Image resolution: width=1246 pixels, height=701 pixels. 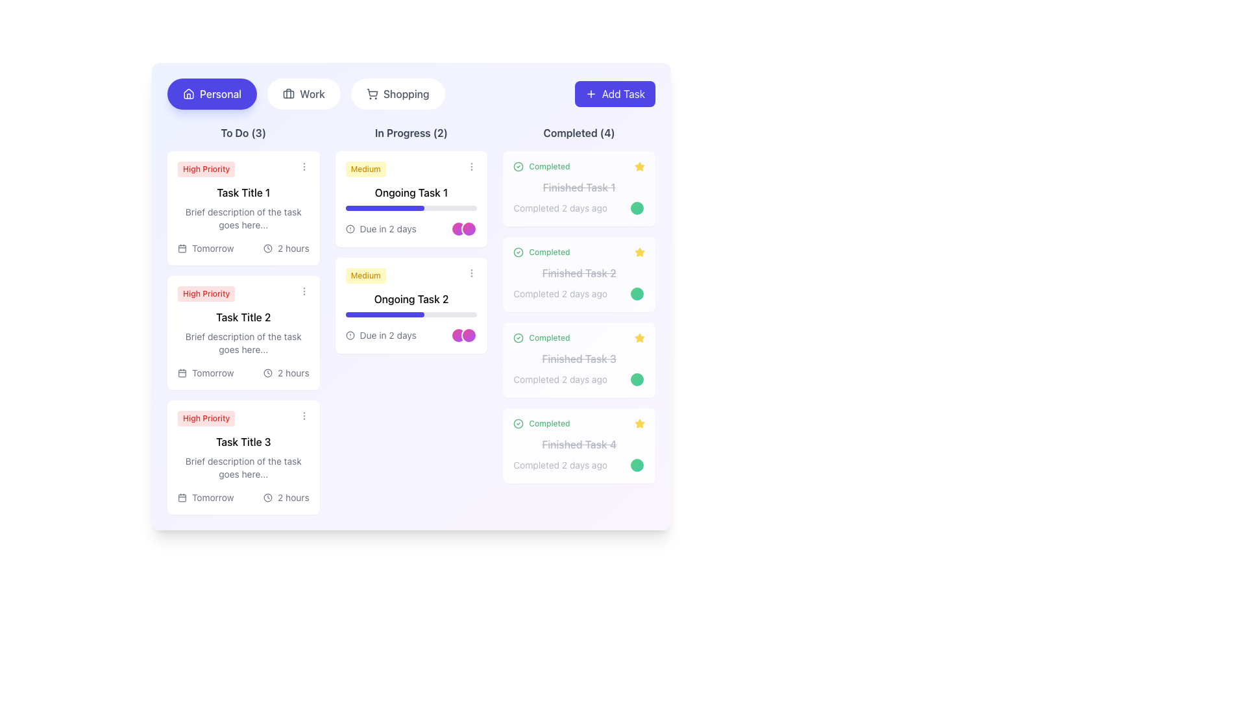 What do you see at coordinates (293, 373) in the screenshot?
I see `the time estimate label indicating a 2-hour completion time, located in the bottom-right corner of the card labeled 'Task Title 2' in the 'To Do' column, immediately right of the clock icon` at bounding box center [293, 373].